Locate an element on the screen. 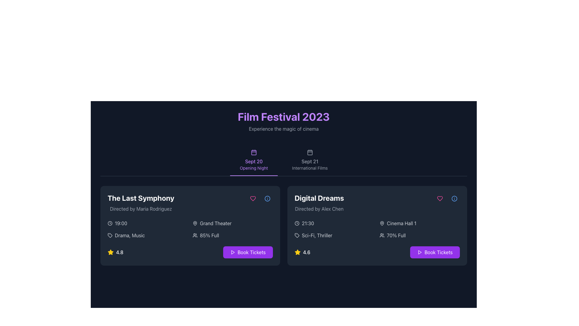 The image size is (579, 326). the SVG circle element with a black outline and white interior, part of the clock icon next to the '21:30' text under the 'Digital Dreams' section is located at coordinates (297, 223).